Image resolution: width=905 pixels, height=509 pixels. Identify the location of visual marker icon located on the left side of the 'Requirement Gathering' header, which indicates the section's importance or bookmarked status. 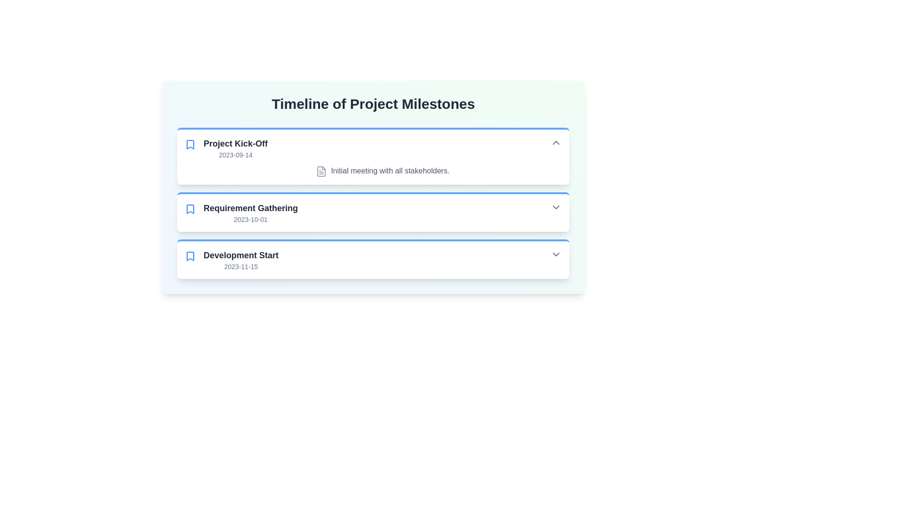
(189, 208).